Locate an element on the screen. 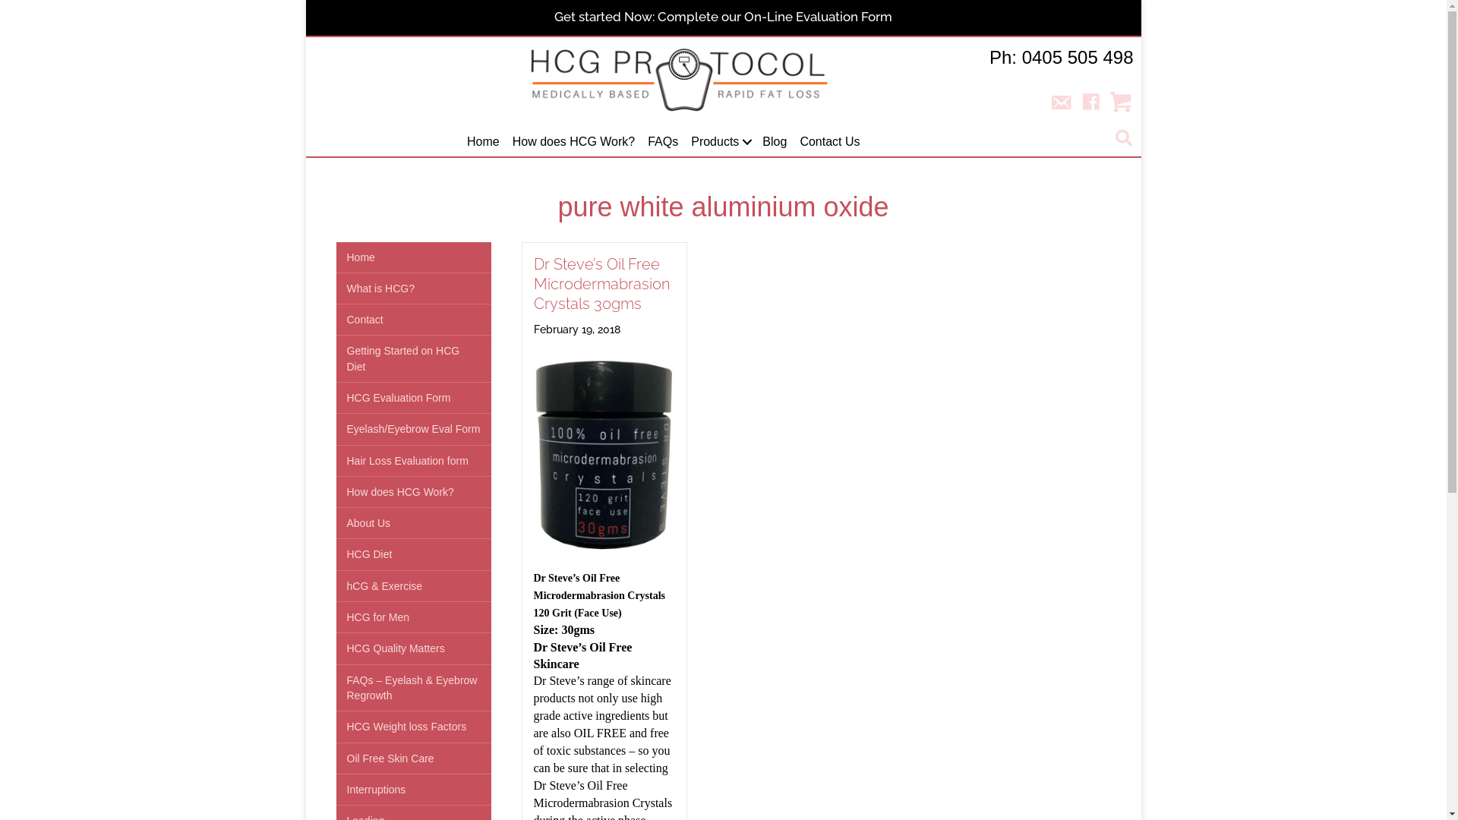  'What is HCG?' is located at coordinates (334, 289).